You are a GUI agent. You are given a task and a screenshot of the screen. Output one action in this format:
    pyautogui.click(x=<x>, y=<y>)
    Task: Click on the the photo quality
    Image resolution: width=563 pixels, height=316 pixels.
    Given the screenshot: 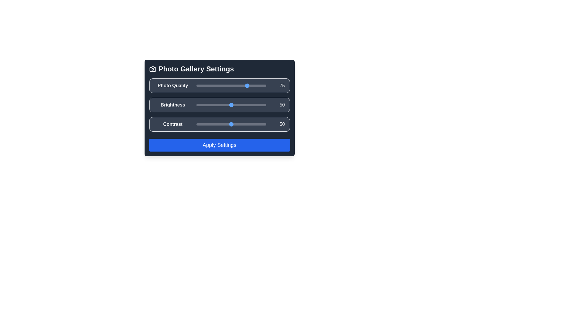 What is the action you would take?
    pyautogui.click(x=245, y=86)
    